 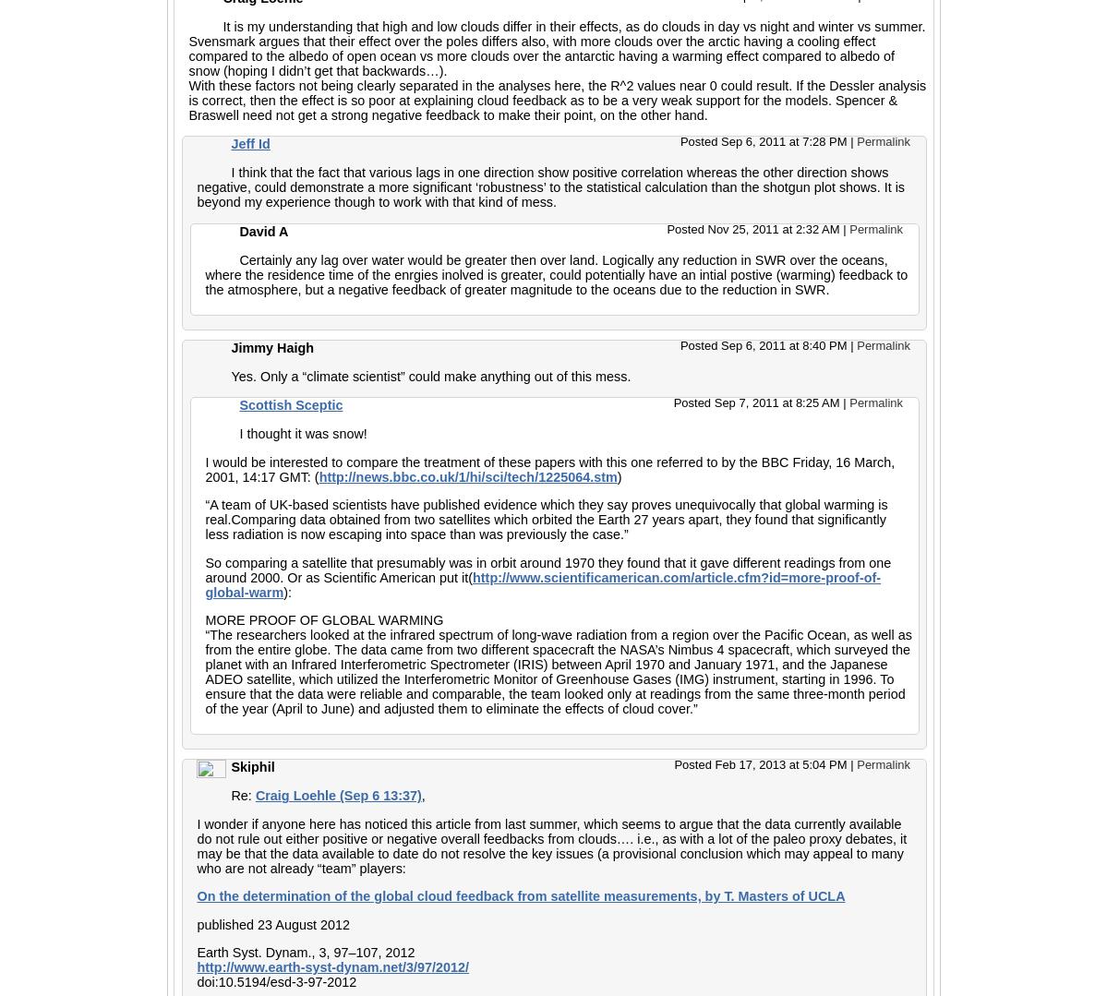 I want to click on 'Posted Sep 6, 2011 at 8:40 PM', so click(x=764, y=345).